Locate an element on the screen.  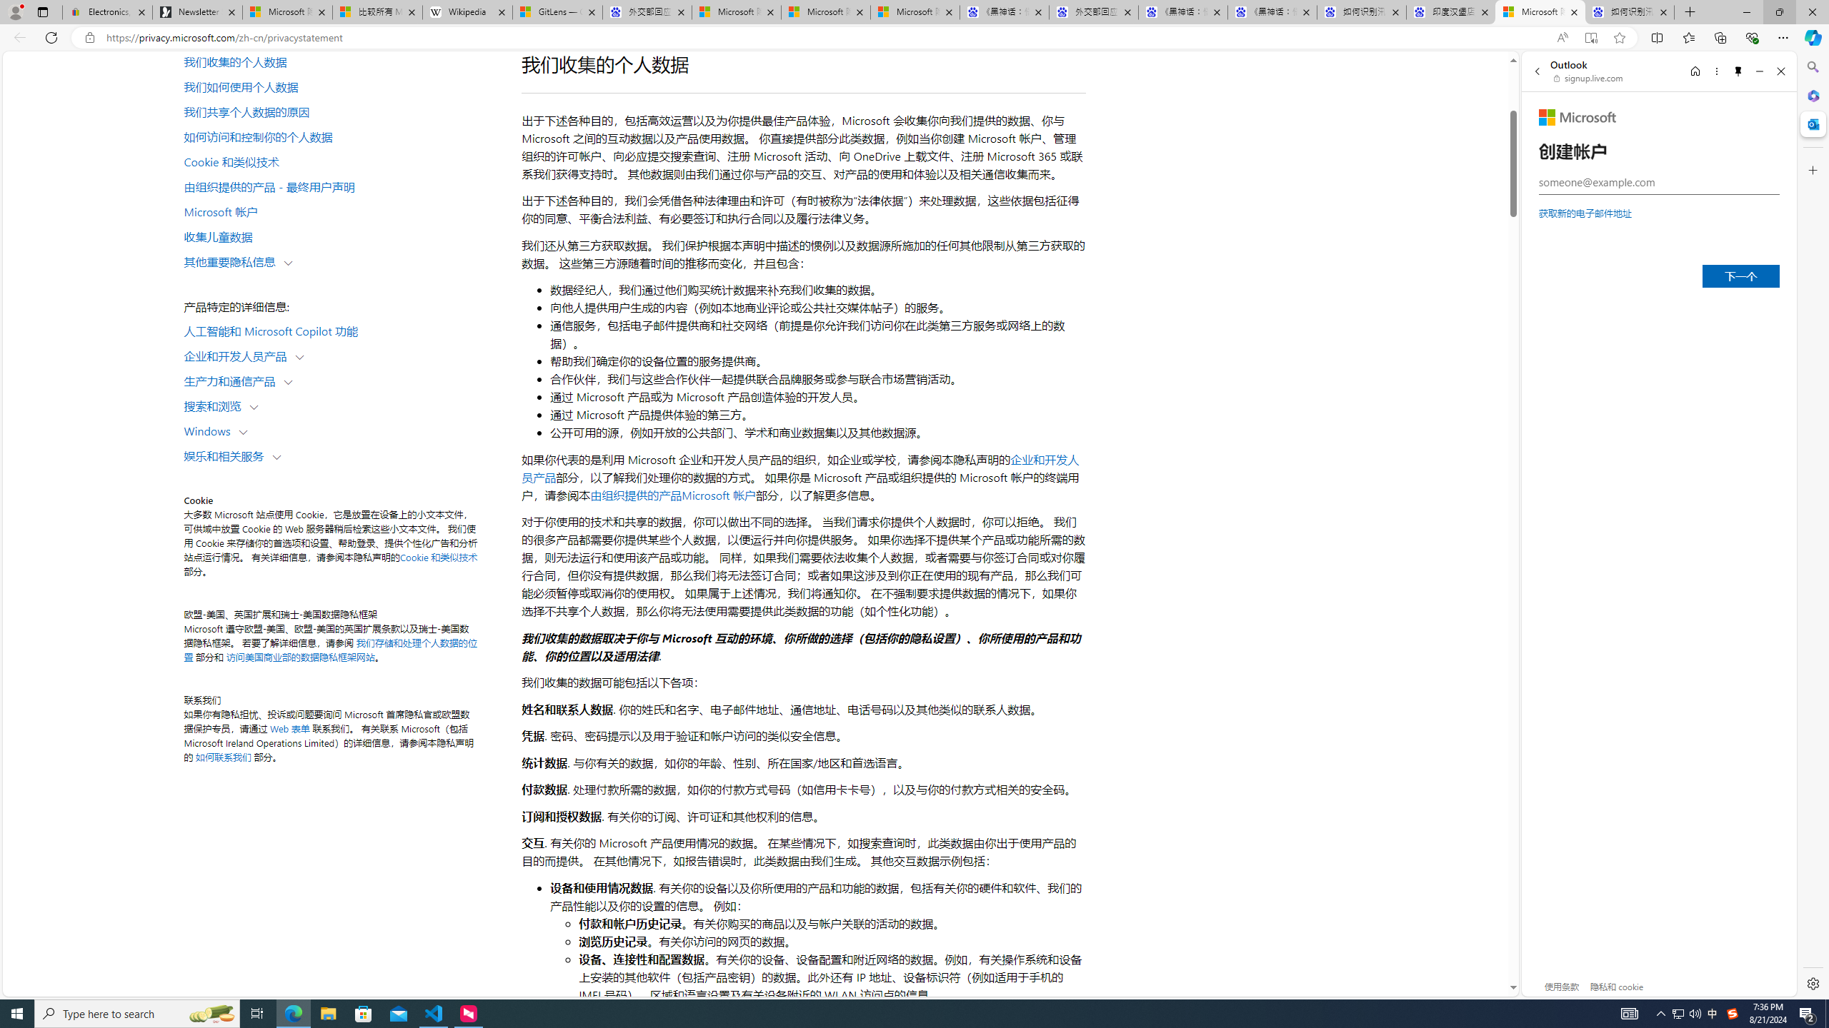
'Electronics, Cars, Fashion, Collectibles & More | eBay' is located at coordinates (107, 11).